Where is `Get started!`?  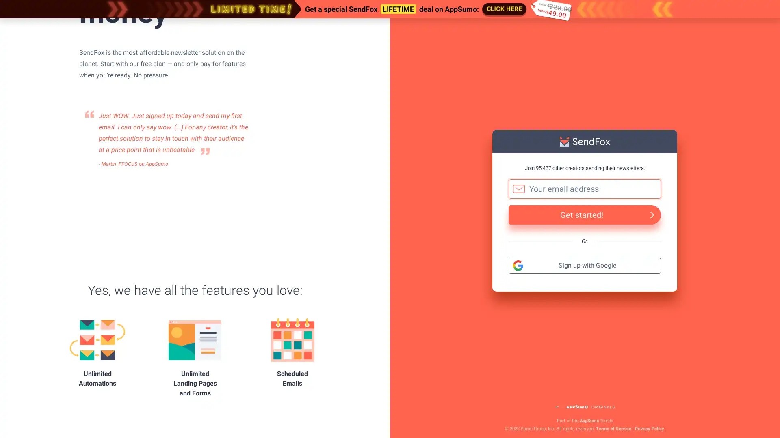
Get started! is located at coordinates (584, 214).